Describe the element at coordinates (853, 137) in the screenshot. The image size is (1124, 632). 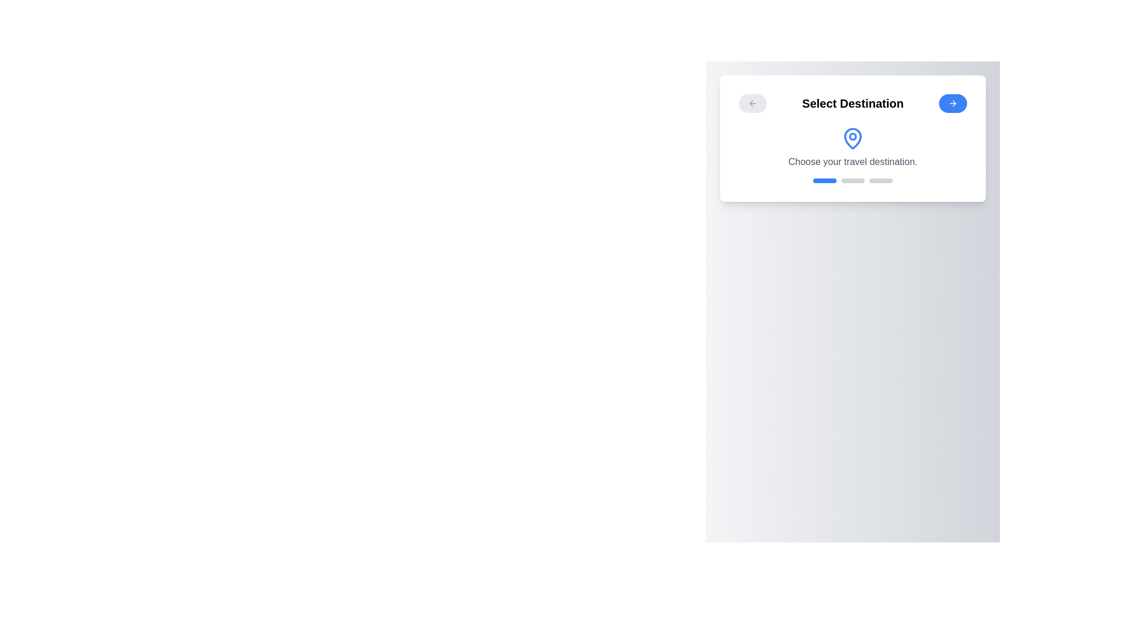
I see `the location marker icon, which is positioned within a centered card layout, above the text 'Choose your travel destination' and below the title 'Select Destination'` at that location.